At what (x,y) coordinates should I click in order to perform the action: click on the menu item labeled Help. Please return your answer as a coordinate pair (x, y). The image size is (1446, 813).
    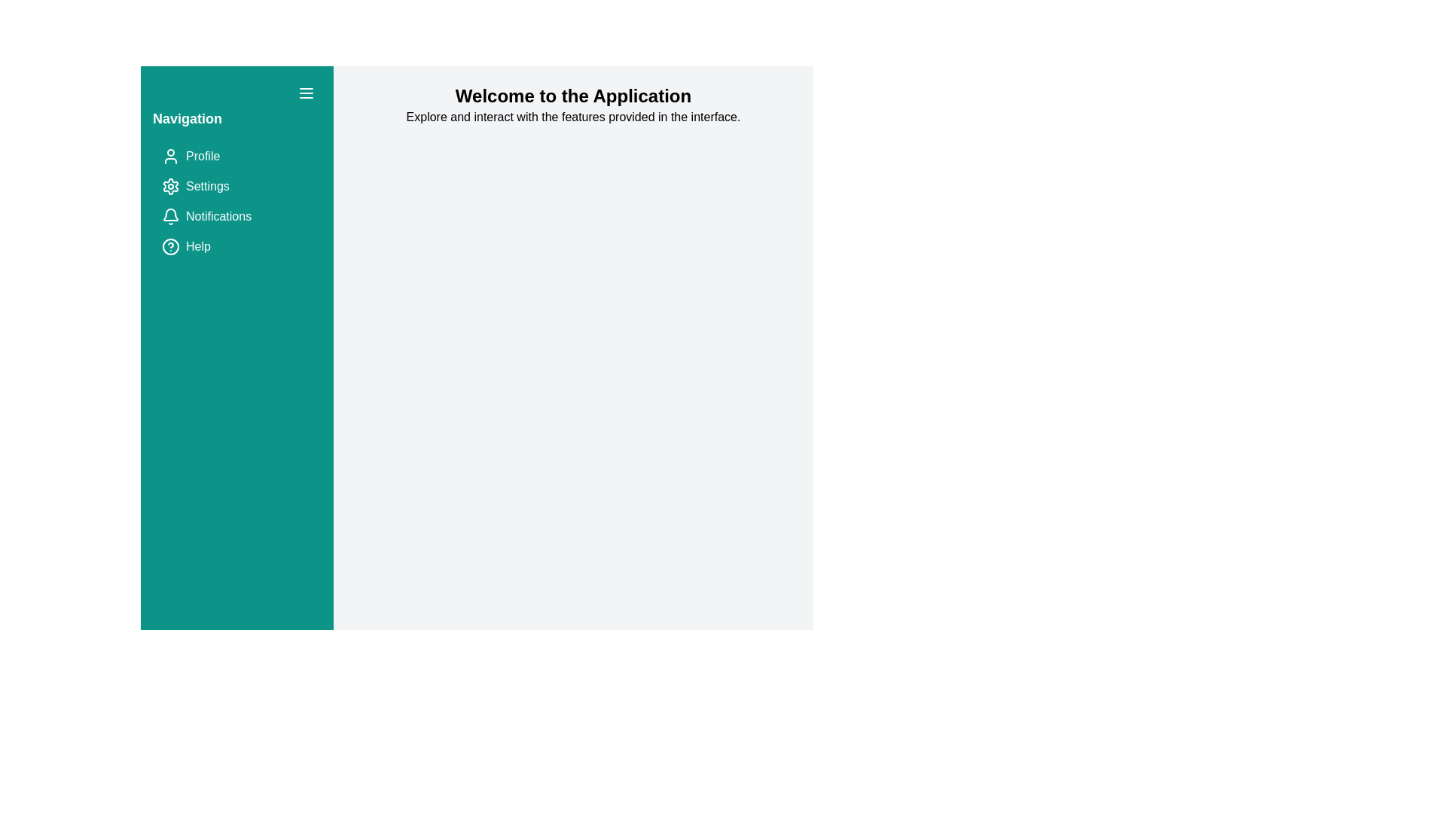
    Looking at the image, I should click on (236, 245).